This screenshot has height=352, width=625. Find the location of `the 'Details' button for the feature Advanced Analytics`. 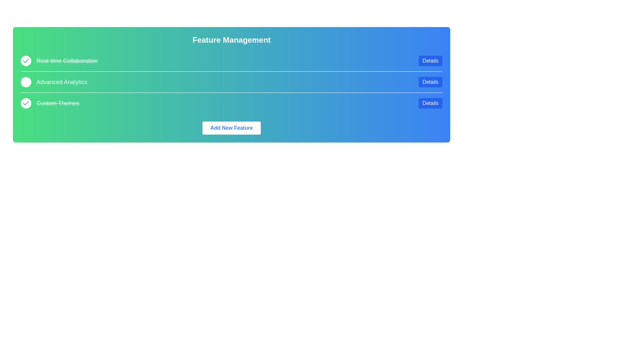

the 'Details' button for the feature Advanced Analytics is located at coordinates (430, 81).